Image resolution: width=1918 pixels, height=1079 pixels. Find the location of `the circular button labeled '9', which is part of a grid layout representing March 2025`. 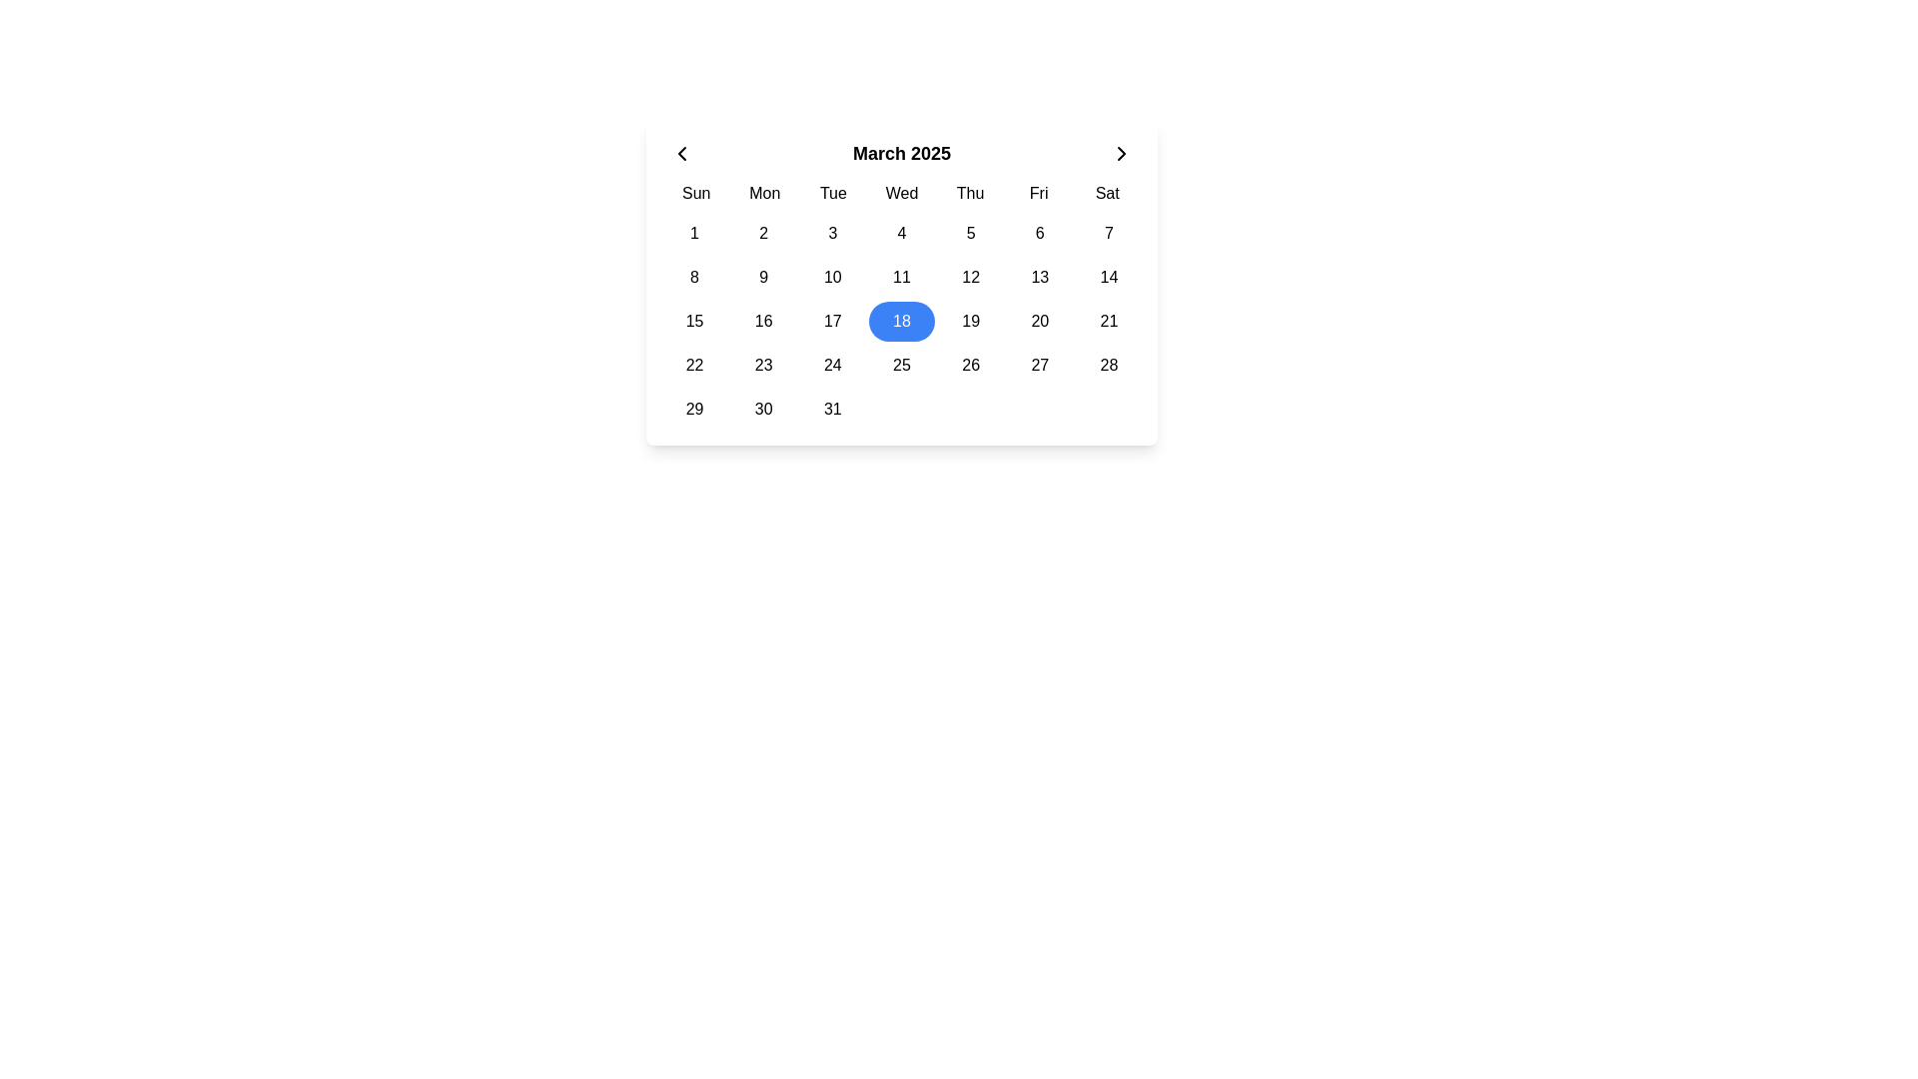

the circular button labeled '9', which is part of a grid layout representing March 2025 is located at coordinates (762, 277).